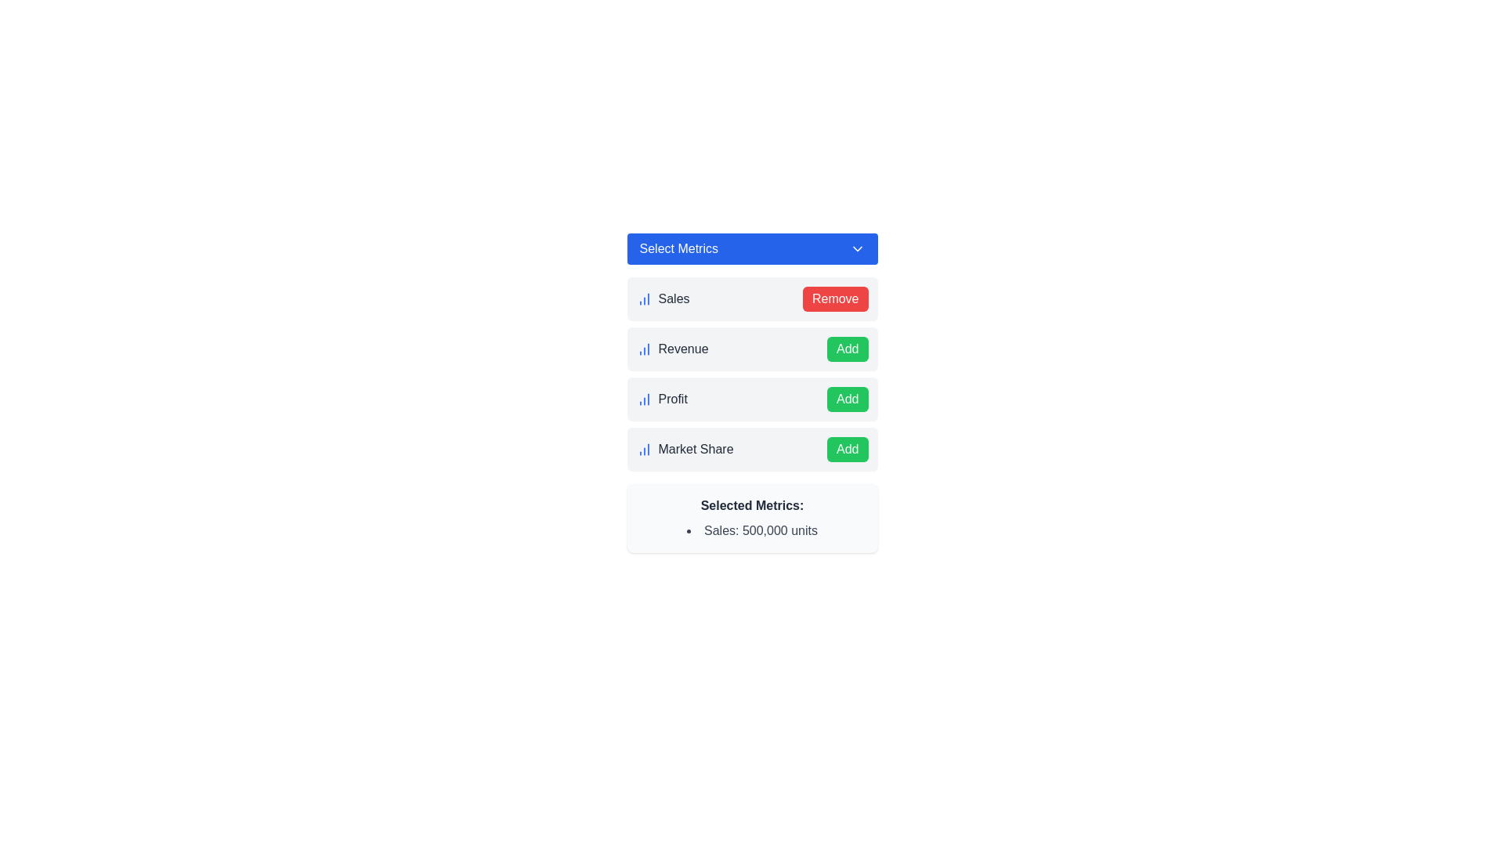 This screenshot has width=1504, height=846. I want to click on the 'Add' button for the 'Profit' metric in the selection interface, which is the third item in the list of metrics, so click(752, 389).